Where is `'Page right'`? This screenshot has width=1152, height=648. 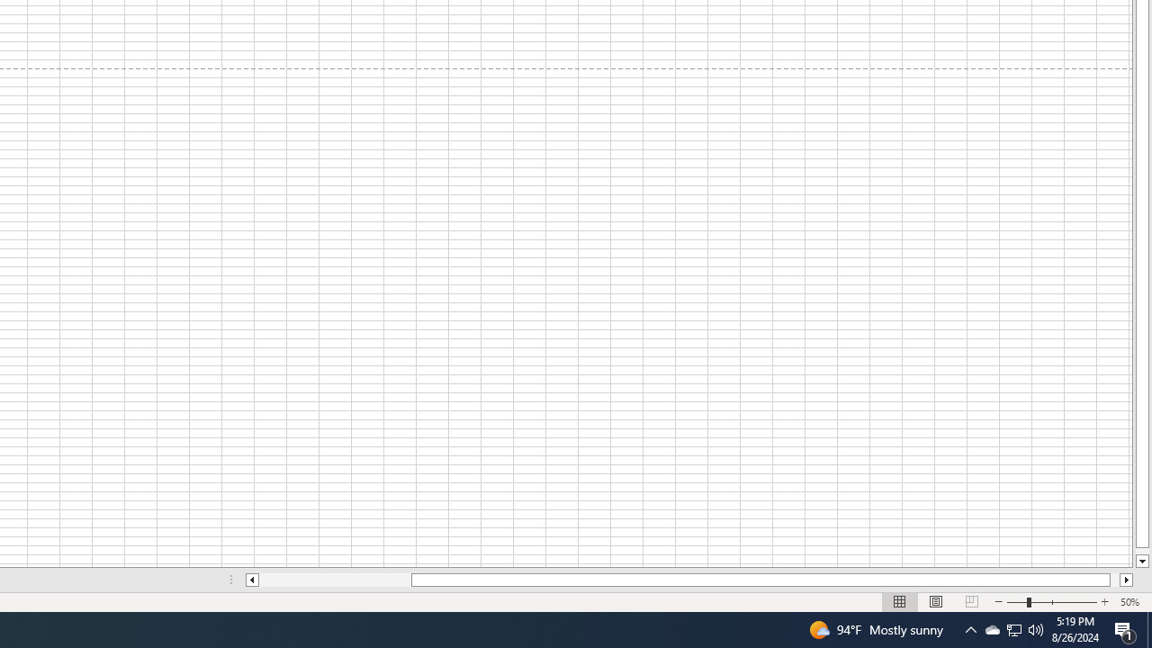
'Page right' is located at coordinates (1114, 580).